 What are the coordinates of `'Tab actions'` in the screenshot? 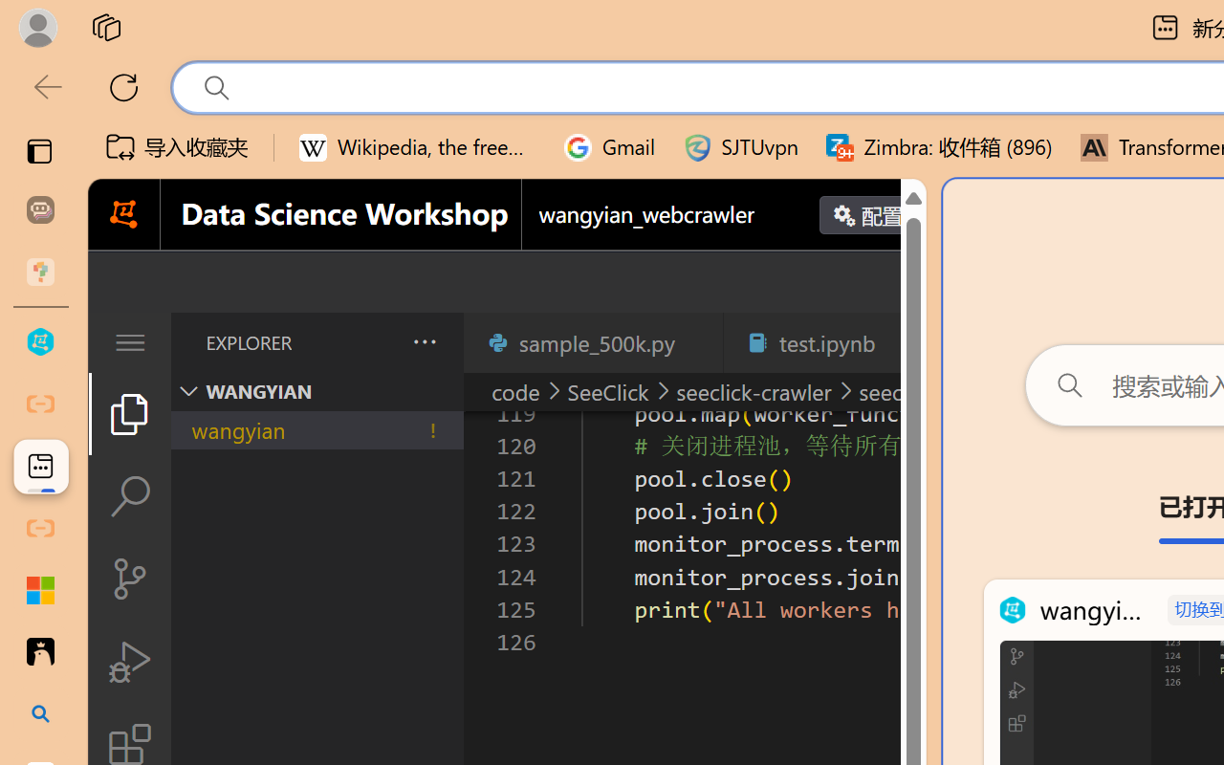 It's located at (903, 342).